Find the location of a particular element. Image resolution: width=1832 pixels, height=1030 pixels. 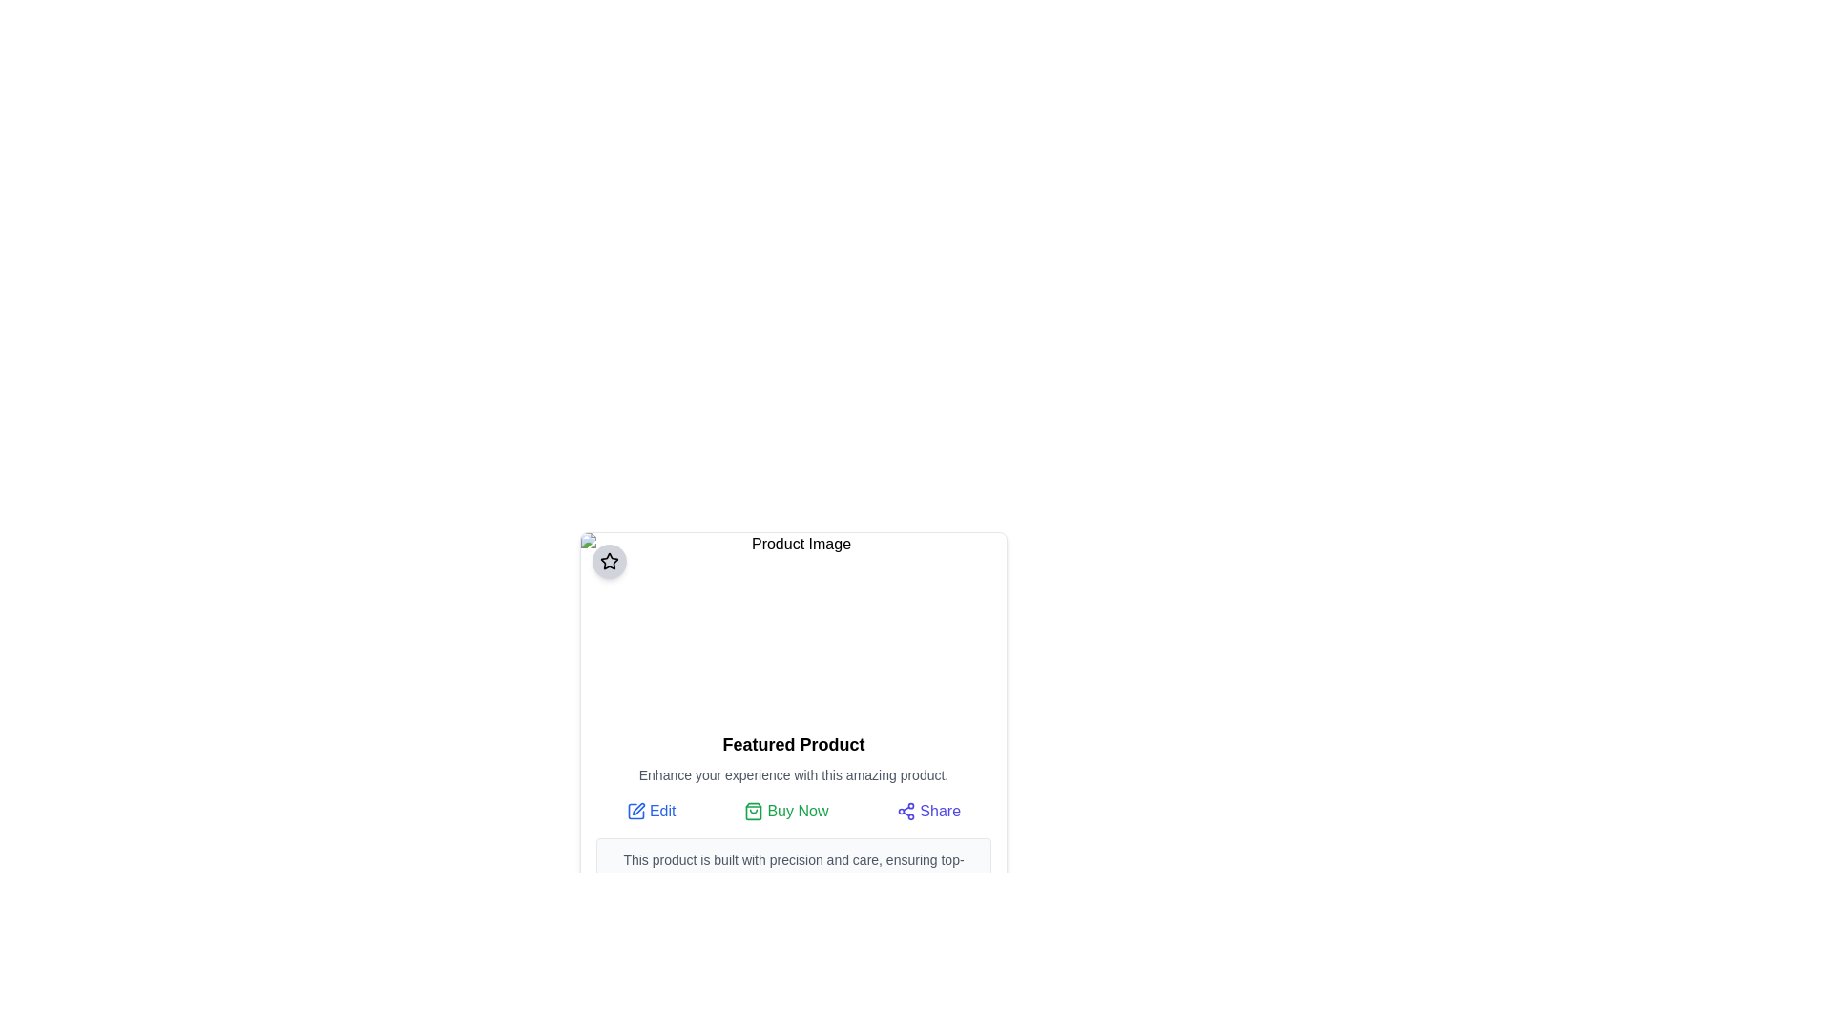

the Text block that serves as a descriptive tagline or subheading located below the 'Featured Product' heading and above the 'Edit', 'Buy Now', and 'Share' interactive elements is located at coordinates (793, 775).